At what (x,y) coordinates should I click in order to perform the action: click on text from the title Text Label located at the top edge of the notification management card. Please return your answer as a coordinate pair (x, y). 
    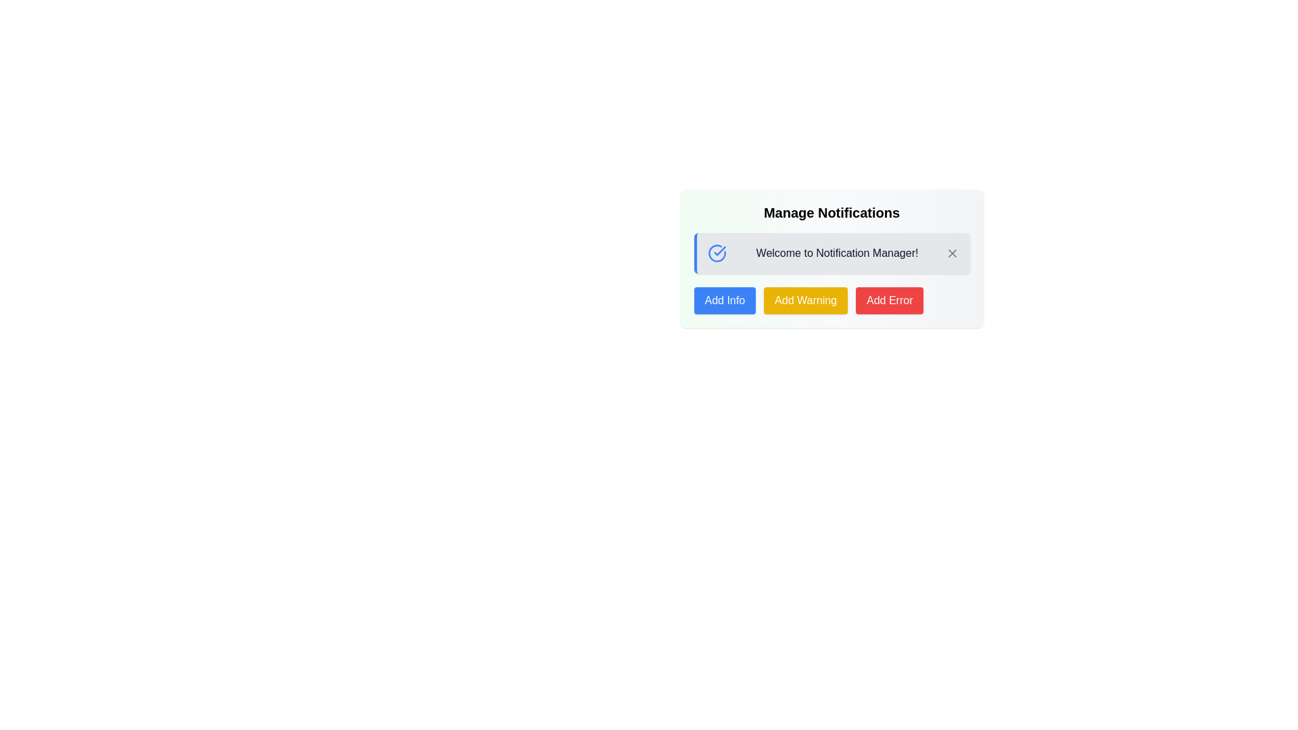
    Looking at the image, I should click on (831, 213).